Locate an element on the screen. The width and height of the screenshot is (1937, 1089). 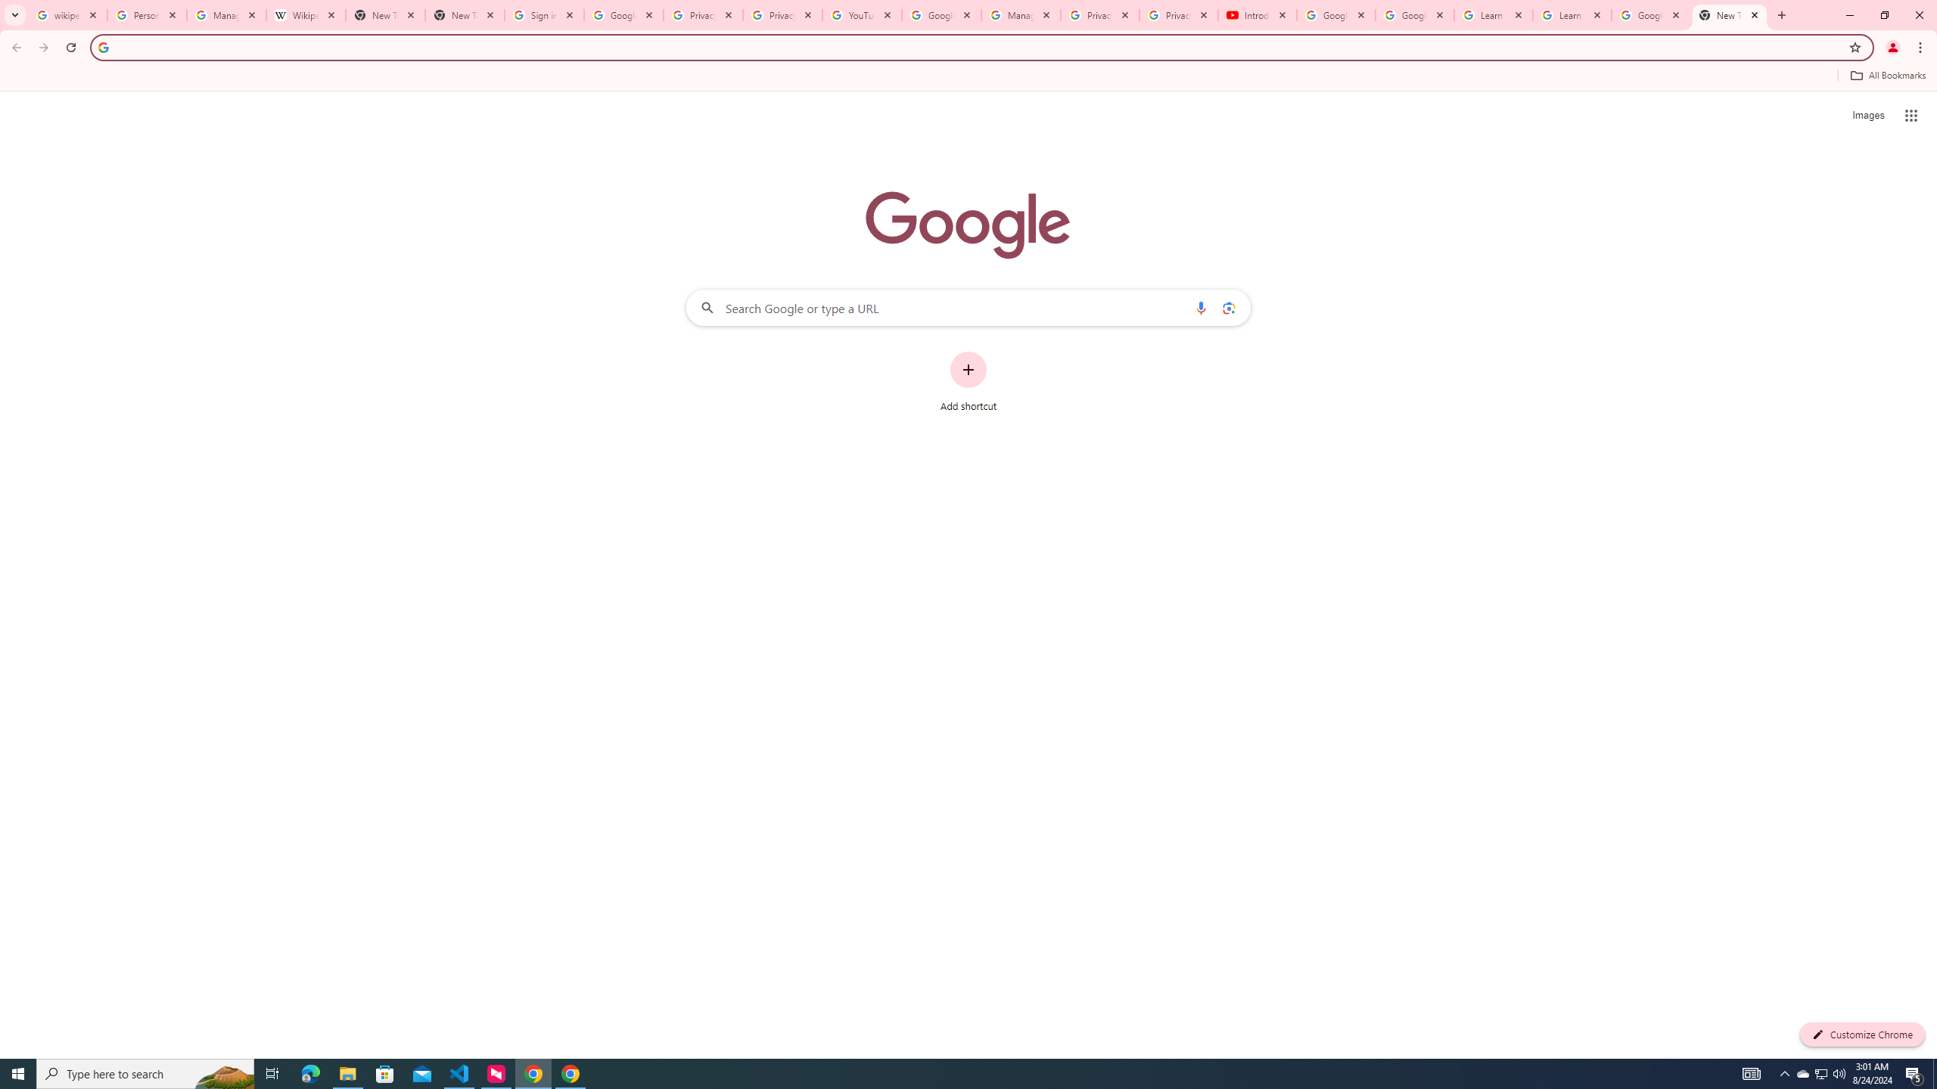
'Introduction | Google Privacy Policy - YouTube' is located at coordinates (1256, 14).